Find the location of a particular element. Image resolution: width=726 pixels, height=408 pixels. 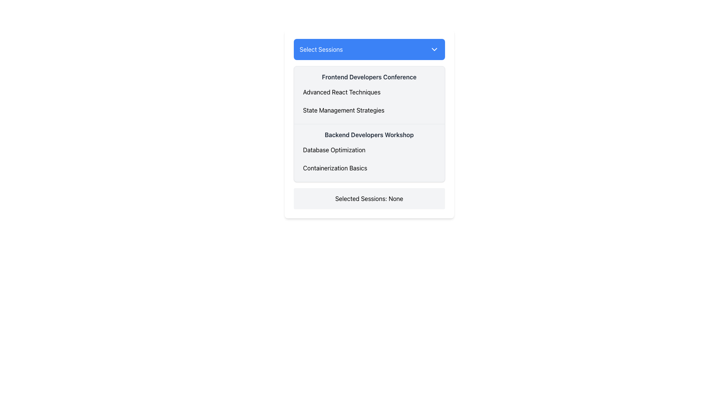

the selectable item displaying the phrase 'State Management Strategies' under the header 'Frontend Developers Conference' is located at coordinates (369, 110).